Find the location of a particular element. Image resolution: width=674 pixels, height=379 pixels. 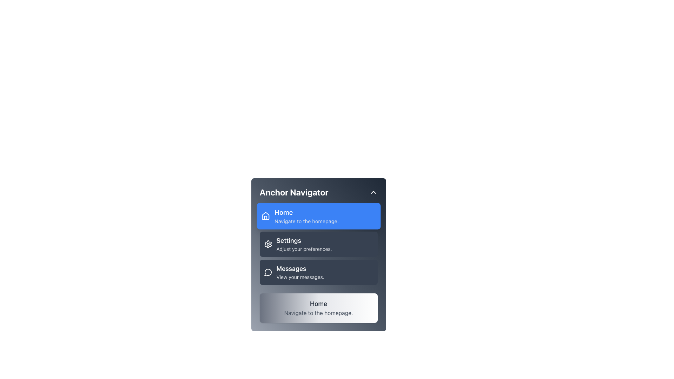

the 'Settings' button in the menu, which has a dark gray background and white text is located at coordinates (318, 254).